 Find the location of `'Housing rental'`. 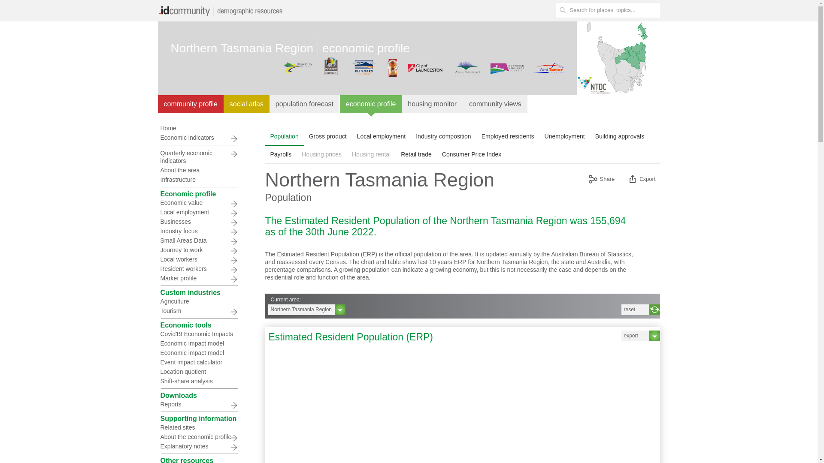

'Housing rental' is located at coordinates (371, 153).